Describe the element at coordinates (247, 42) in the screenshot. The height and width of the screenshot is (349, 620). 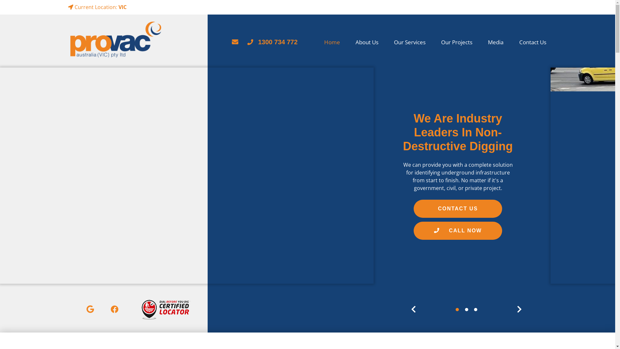
I see `'1300 734 772'` at that location.